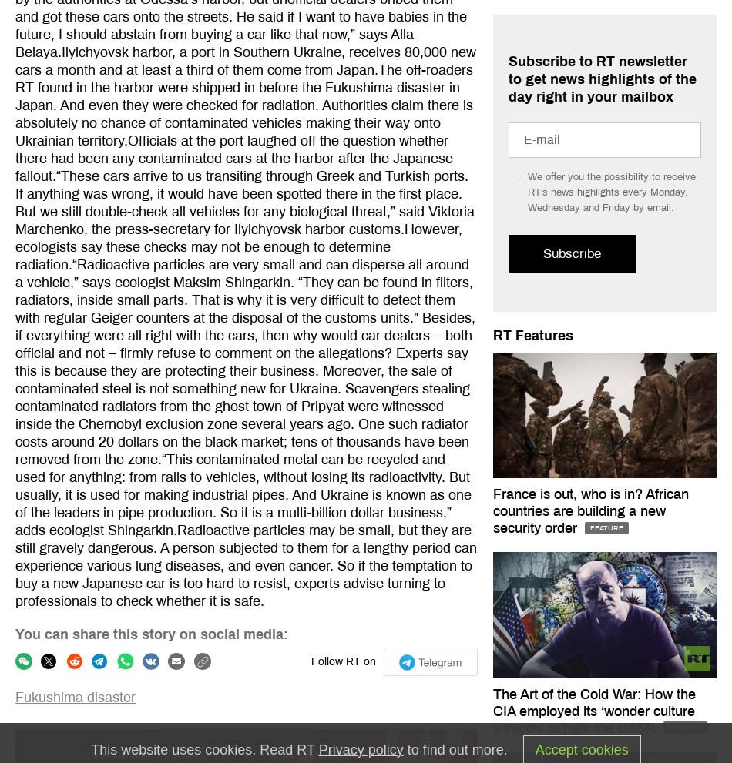  I want to click on 'Privacy policy', so click(317, 748).